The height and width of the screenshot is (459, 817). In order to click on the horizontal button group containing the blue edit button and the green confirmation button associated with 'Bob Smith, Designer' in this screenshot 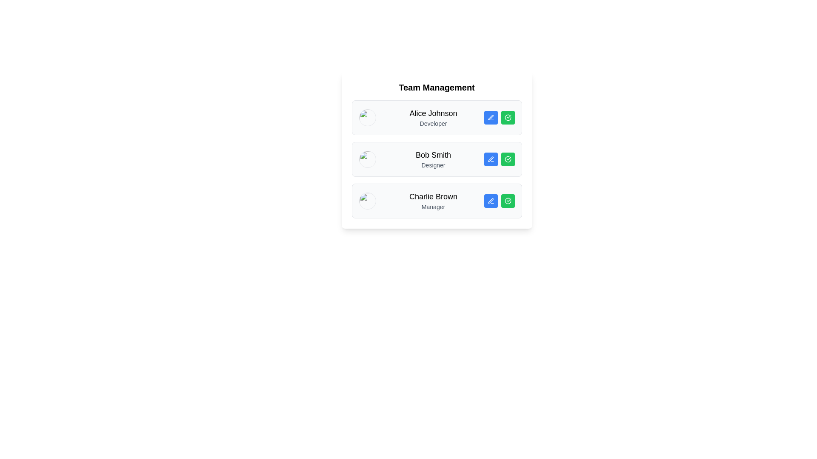, I will do `click(499, 159)`.